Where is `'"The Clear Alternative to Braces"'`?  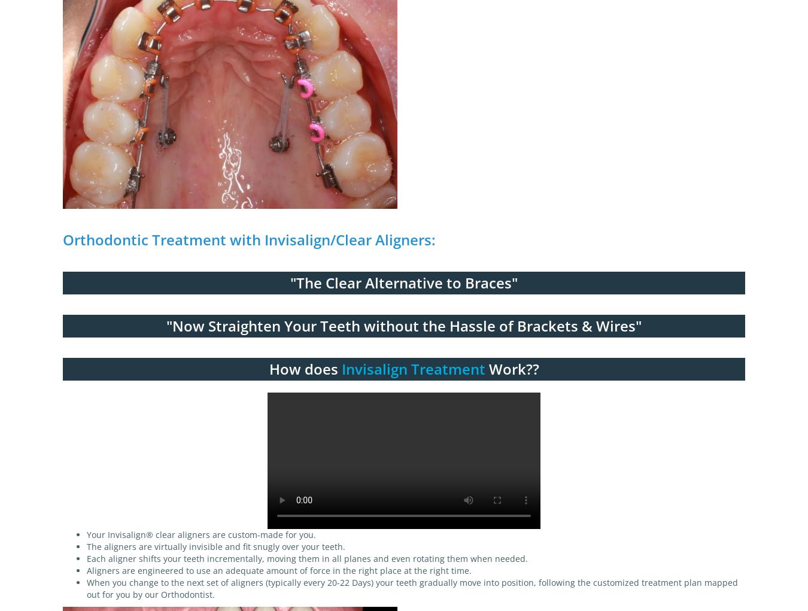
'"The Clear Alternative to Braces"' is located at coordinates (404, 282).